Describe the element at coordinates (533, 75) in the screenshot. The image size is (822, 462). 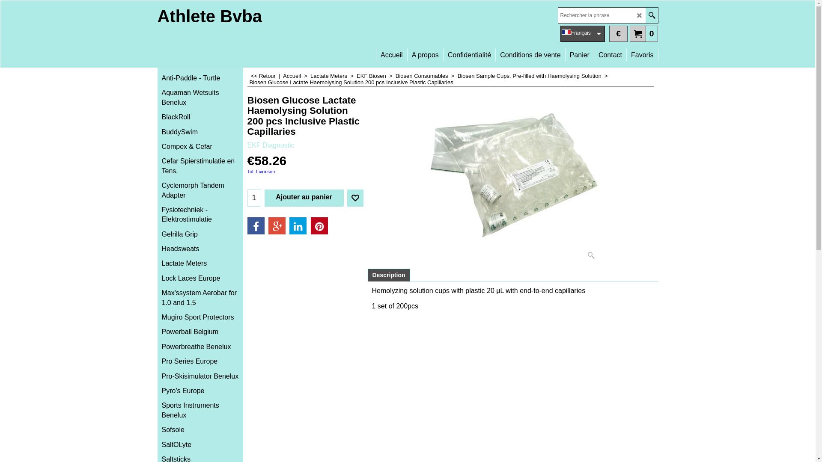
I see `'Biosen Sample Cups, Pre-filled with Haemolysing Solution  > '` at that location.